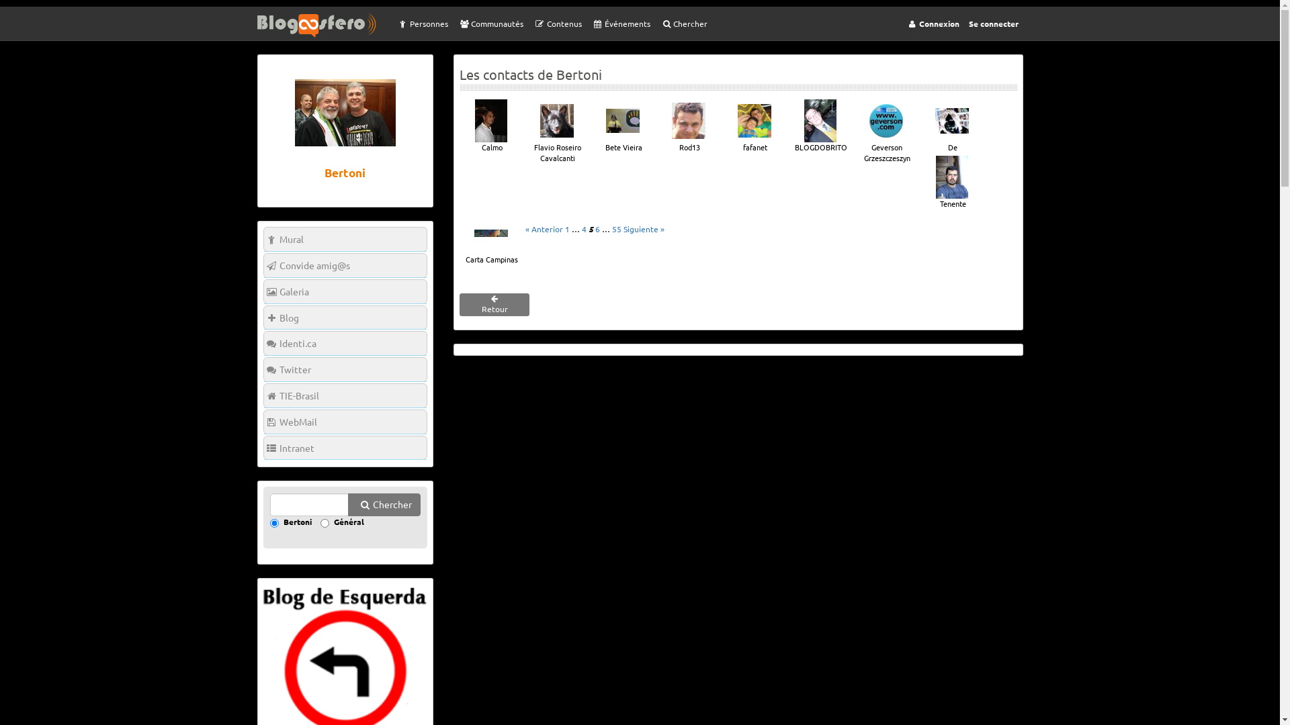 The width and height of the screenshot is (1290, 725). What do you see at coordinates (323, 25) in the screenshot?
I see `'Blogoosfero'` at bounding box center [323, 25].